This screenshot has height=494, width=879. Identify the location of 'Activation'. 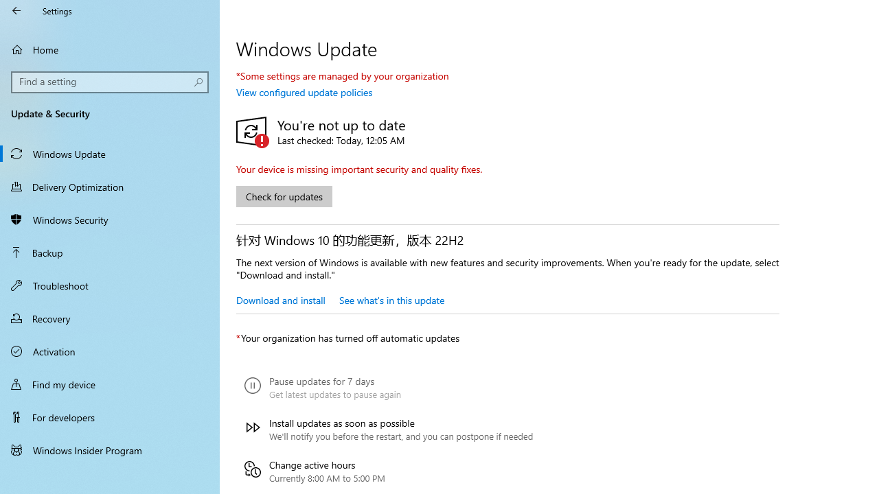
(110, 350).